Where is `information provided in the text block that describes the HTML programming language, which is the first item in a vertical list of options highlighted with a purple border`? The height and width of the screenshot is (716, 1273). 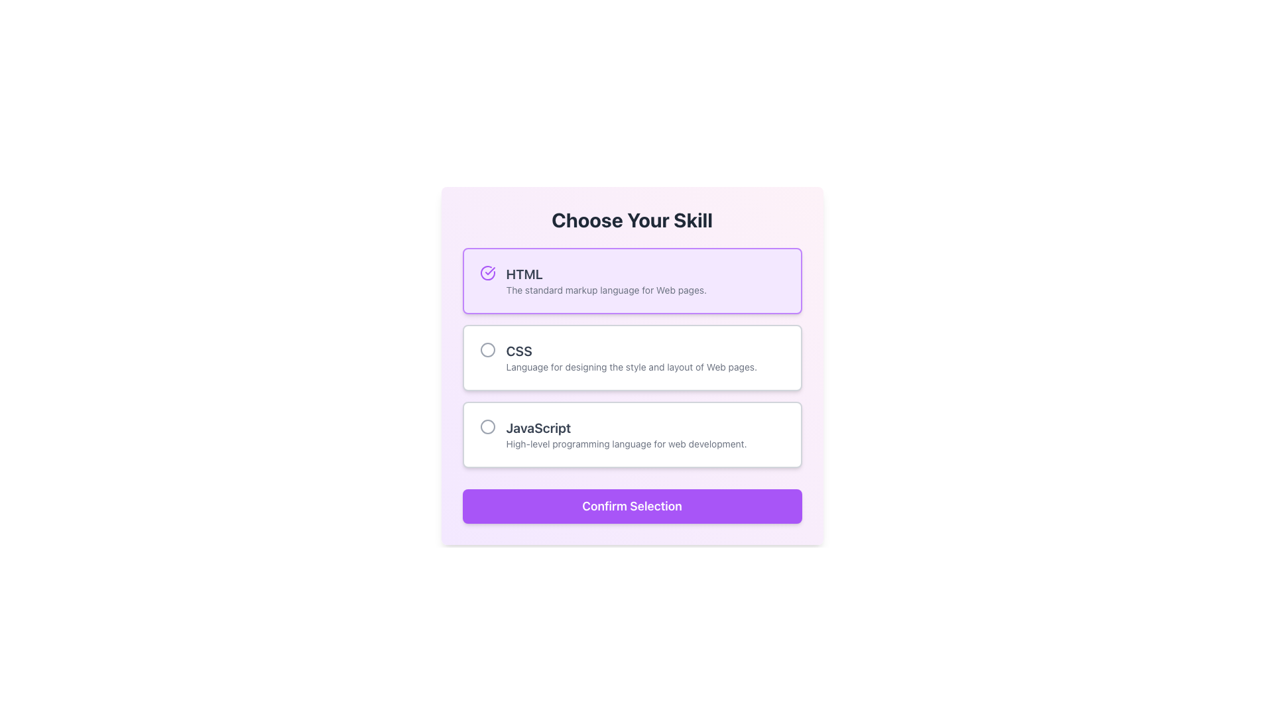 information provided in the text block that describes the HTML programming language, which is the first item in a vertical list of options highlighted with a purple border is located at coordinates (605, 280).